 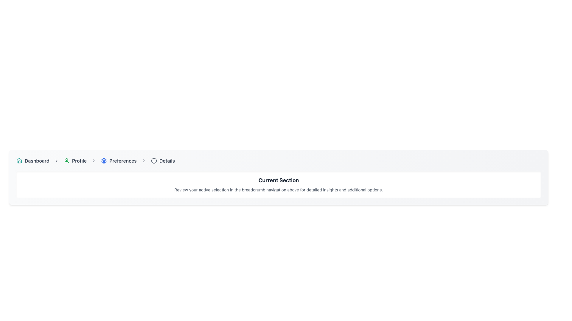 I want to click on the icon on the leftmost side of the 'Profile' breadcrumb link, so click(x=66, y=160).